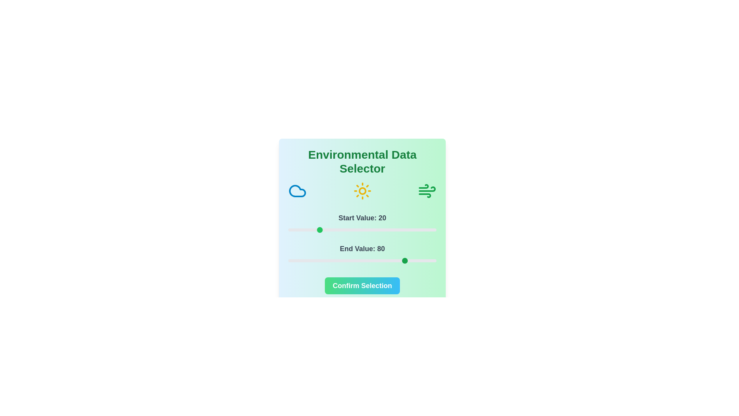  Describe the element at coordinates (295, 230) in the screenshot. I see `the slider` at that location.